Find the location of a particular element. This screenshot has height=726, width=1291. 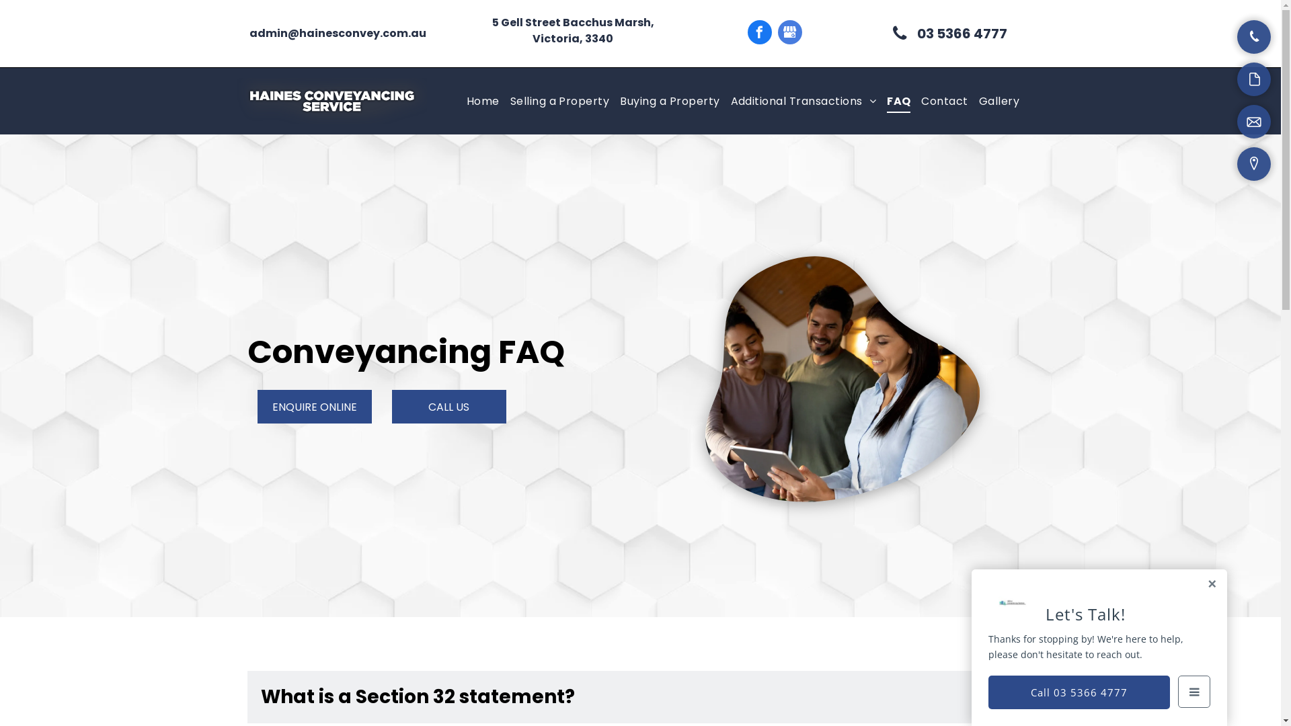

'03 5366 4777' is located at coordinates (948, 33).